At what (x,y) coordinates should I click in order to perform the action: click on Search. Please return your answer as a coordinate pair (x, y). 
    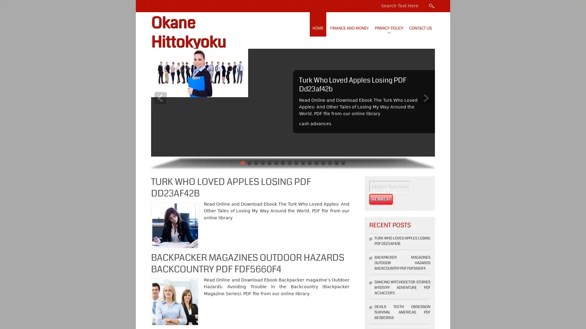
    Looking at the image, I should click on (381, 199).